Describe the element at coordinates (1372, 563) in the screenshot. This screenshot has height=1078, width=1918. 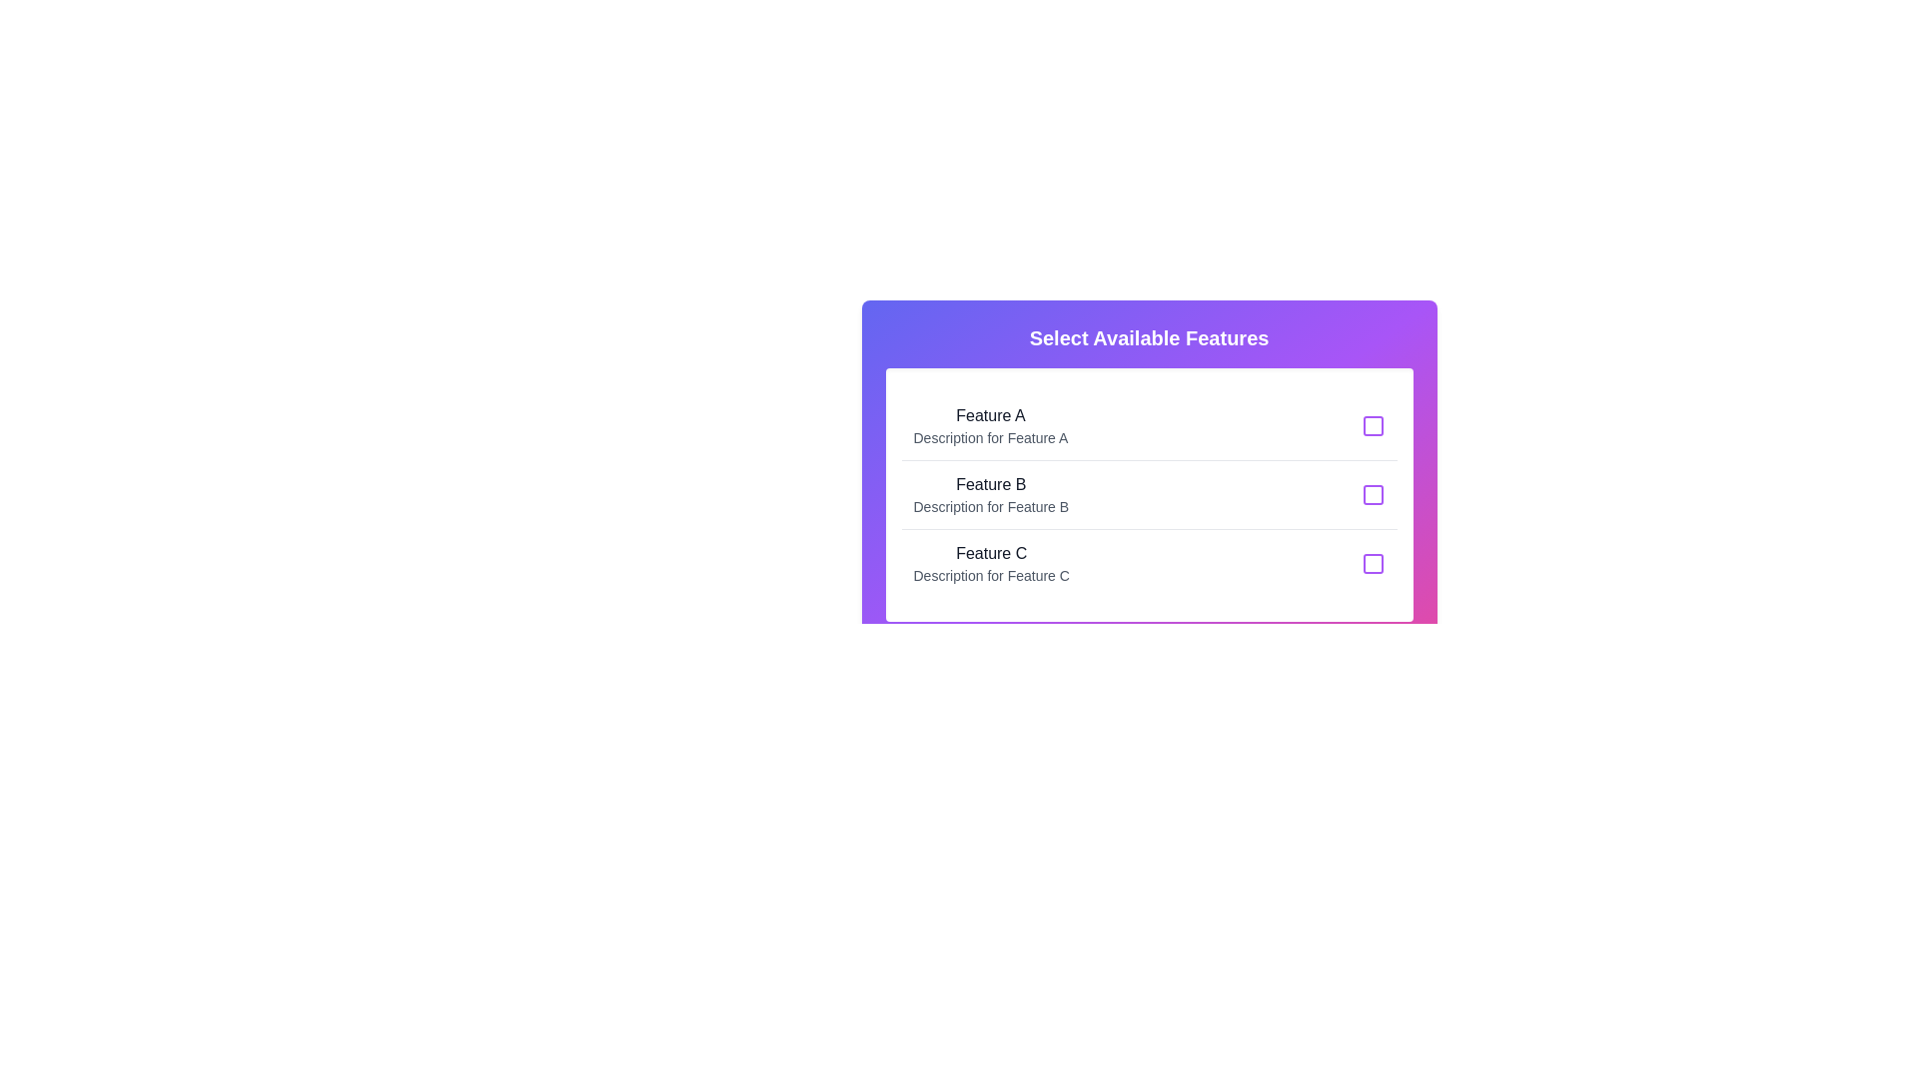
I see `the checkbox or selectable button located to the far right within the row labeled 'Feature C' in the third item of the list for additional styling` at that location.